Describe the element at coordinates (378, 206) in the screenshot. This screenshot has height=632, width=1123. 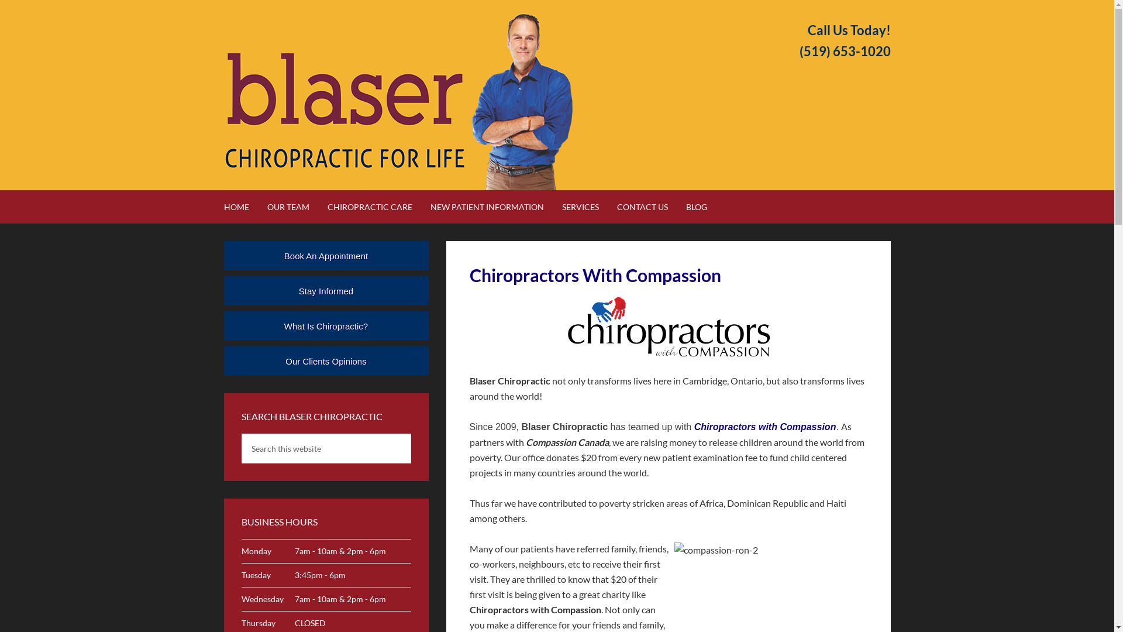
I see `'CHIROPRACTIC CARE'` at that location.